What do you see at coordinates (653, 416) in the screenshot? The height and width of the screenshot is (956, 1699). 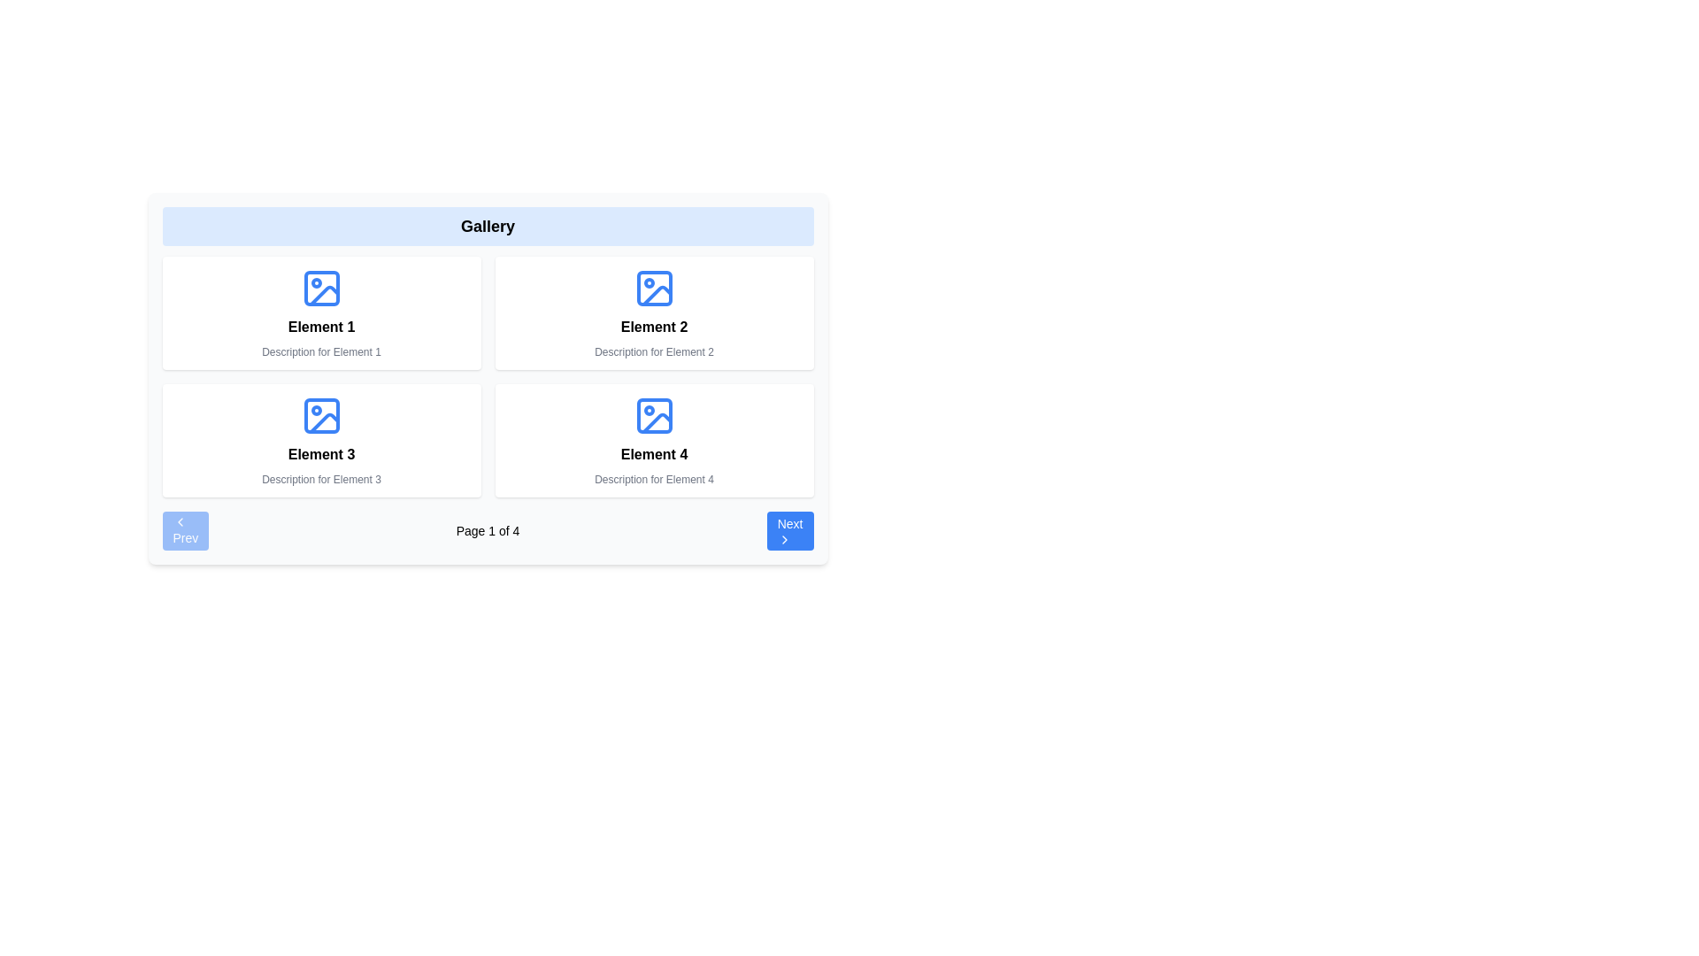 I see `the graphical decoration embedded within the SVG-based image icon of 'Element 4', located in the bottom-right slot of the grid layout` at bounding box center [653, 416].